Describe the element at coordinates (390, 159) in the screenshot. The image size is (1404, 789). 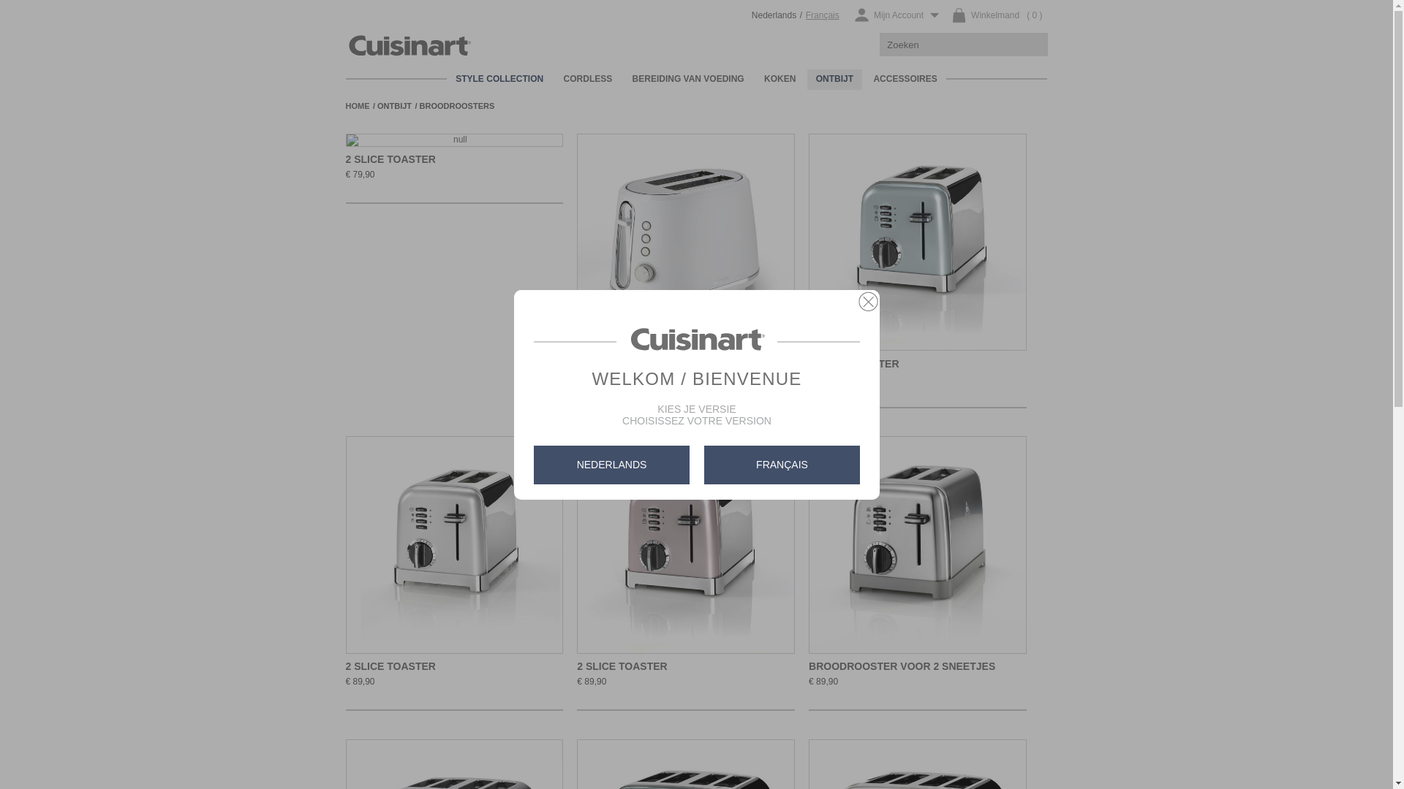
I see `'2 SLICE TOASTER'` at that location.